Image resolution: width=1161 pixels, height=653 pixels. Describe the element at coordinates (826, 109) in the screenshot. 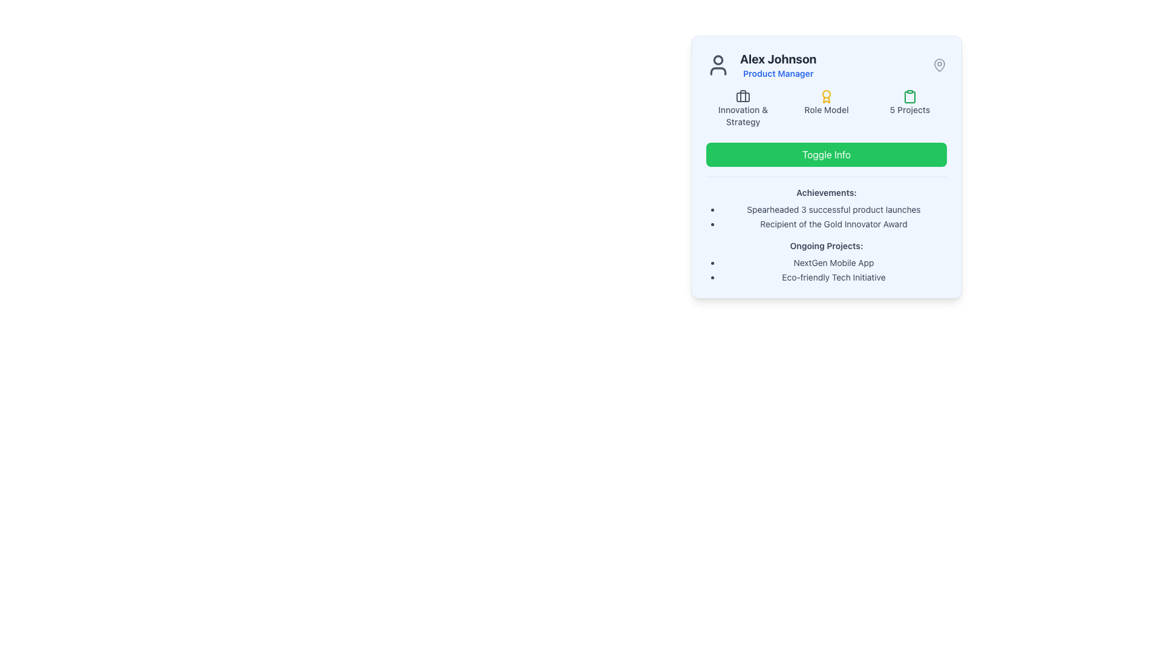

I see `the 'Role Model' information block in the center section of the panel titled 'Alex Johnson, Product Manager.'` at that location.